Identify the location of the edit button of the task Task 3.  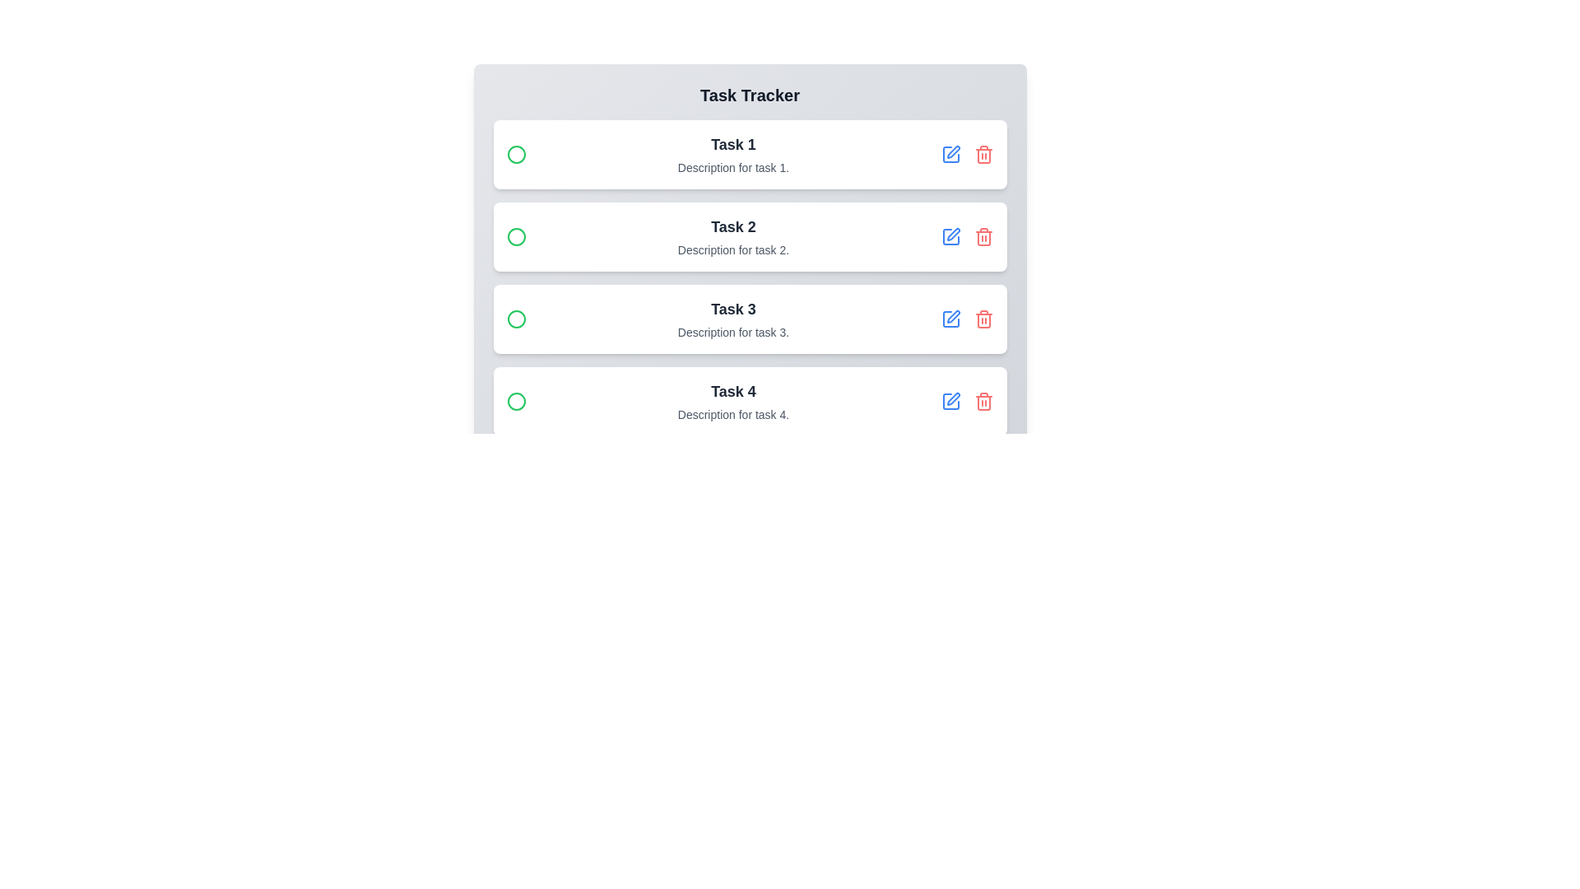
(950, 319).